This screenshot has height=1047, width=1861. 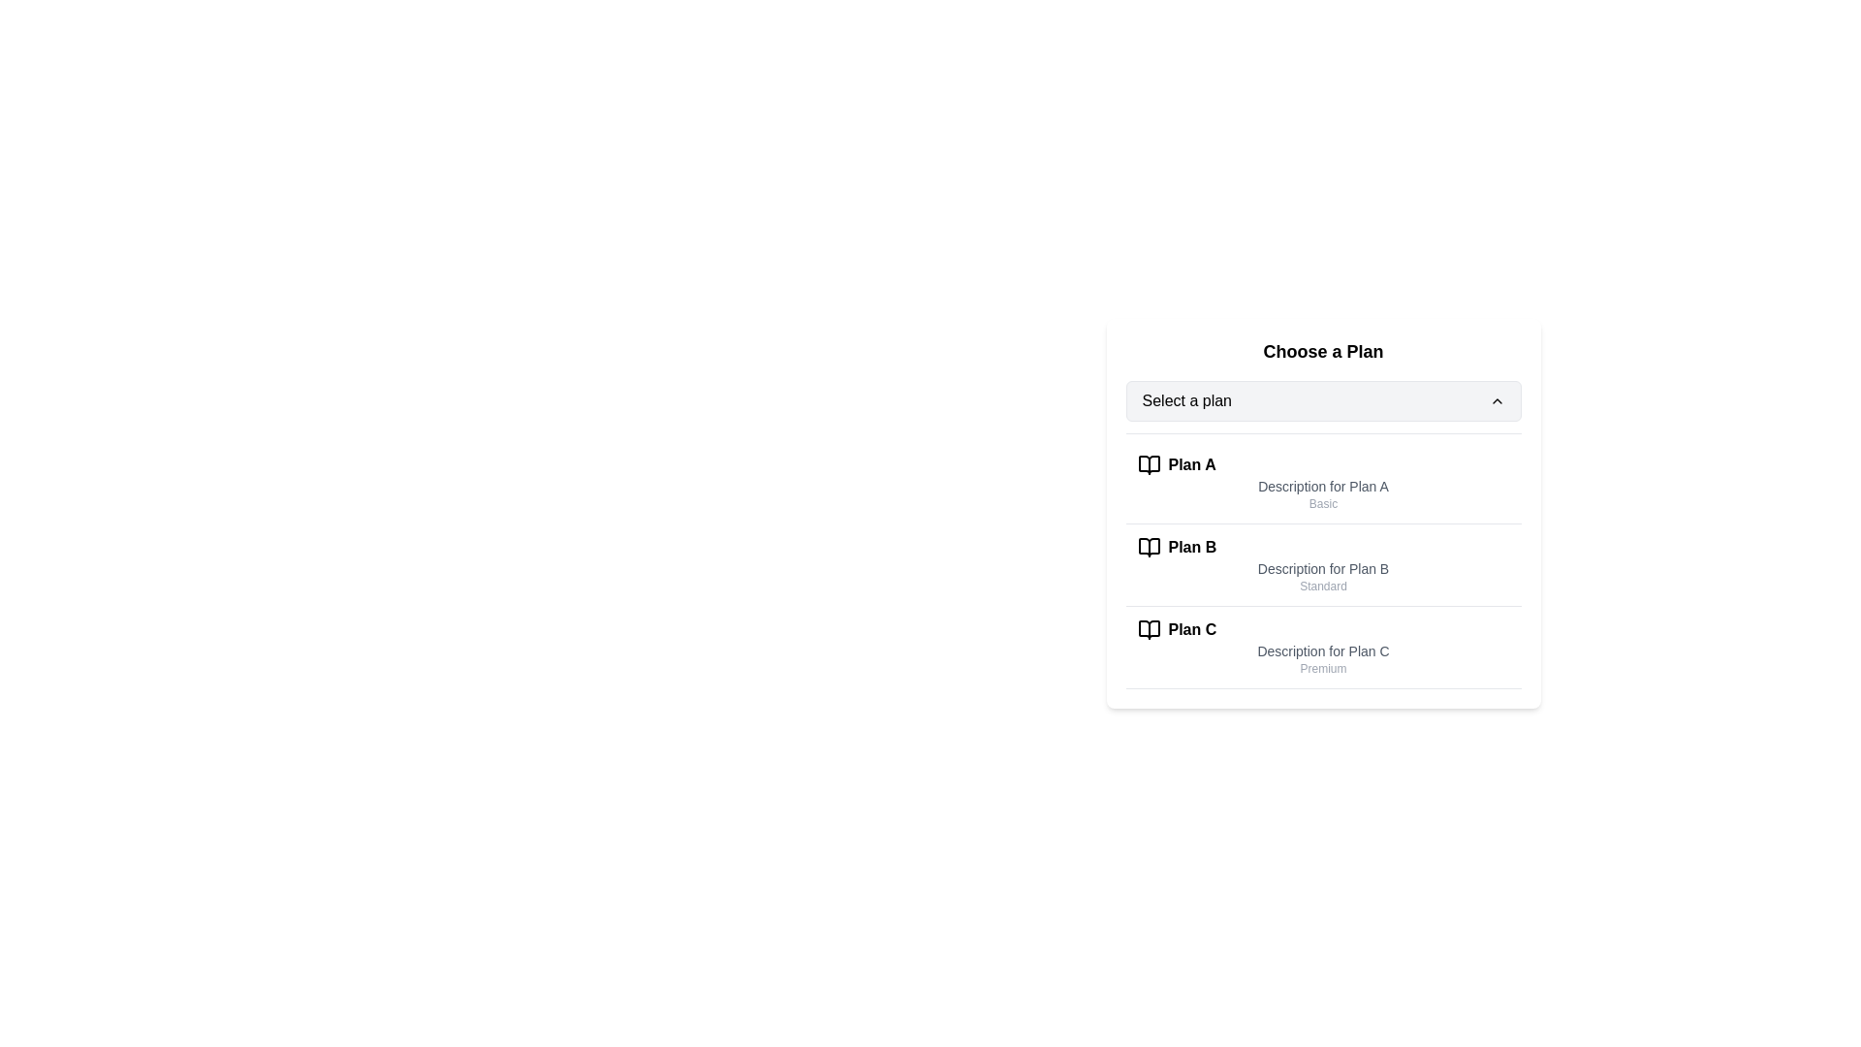 What do you see at coordinates (1149, 630) in the screenshot?
I see `the open book icon located in the third row of the options labeled 'Plan C', which is positioned to the left of the text 'Plan C'` at bounding box center [1149, 630].